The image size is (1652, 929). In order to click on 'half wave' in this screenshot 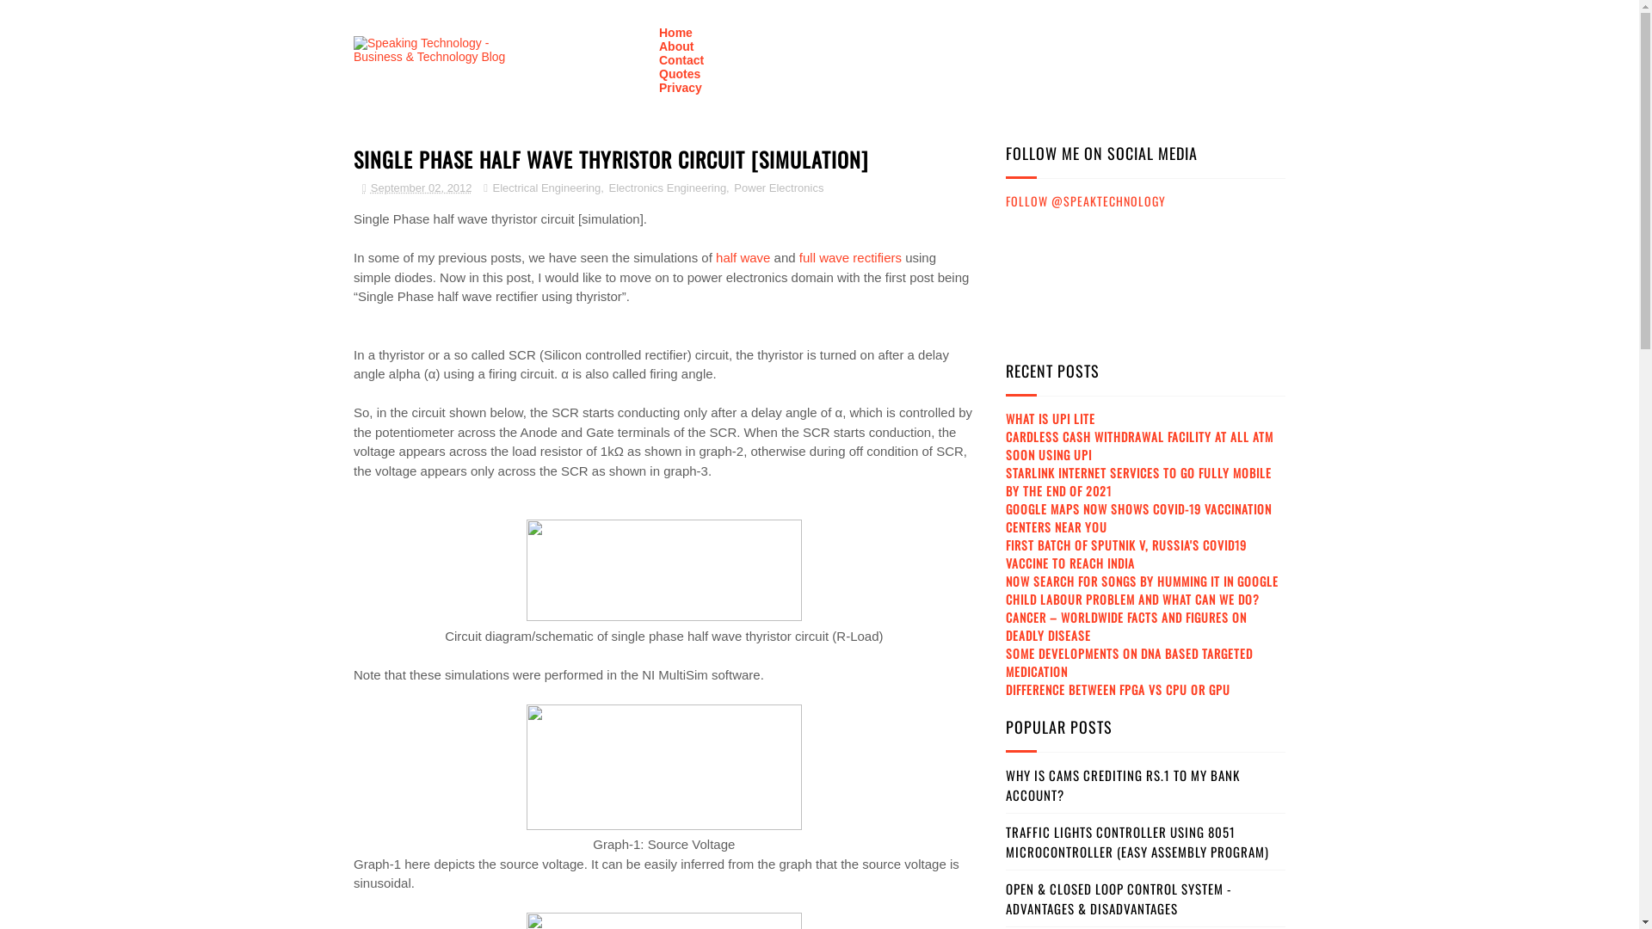, I will do `click(743, 257)`.